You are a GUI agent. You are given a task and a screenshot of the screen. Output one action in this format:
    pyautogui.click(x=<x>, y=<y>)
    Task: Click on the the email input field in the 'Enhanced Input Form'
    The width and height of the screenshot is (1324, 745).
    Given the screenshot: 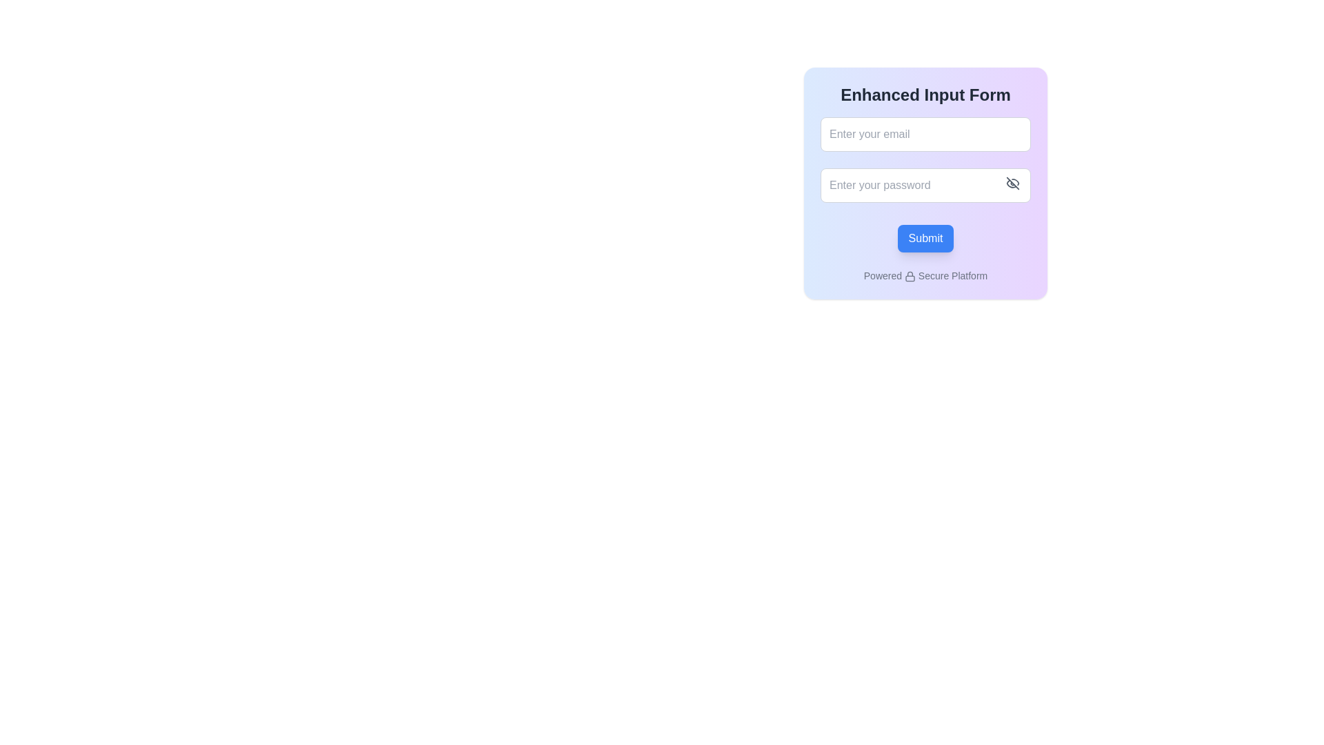 What is the action you would take?
    pyautogui.click(x=925, y=135)
    